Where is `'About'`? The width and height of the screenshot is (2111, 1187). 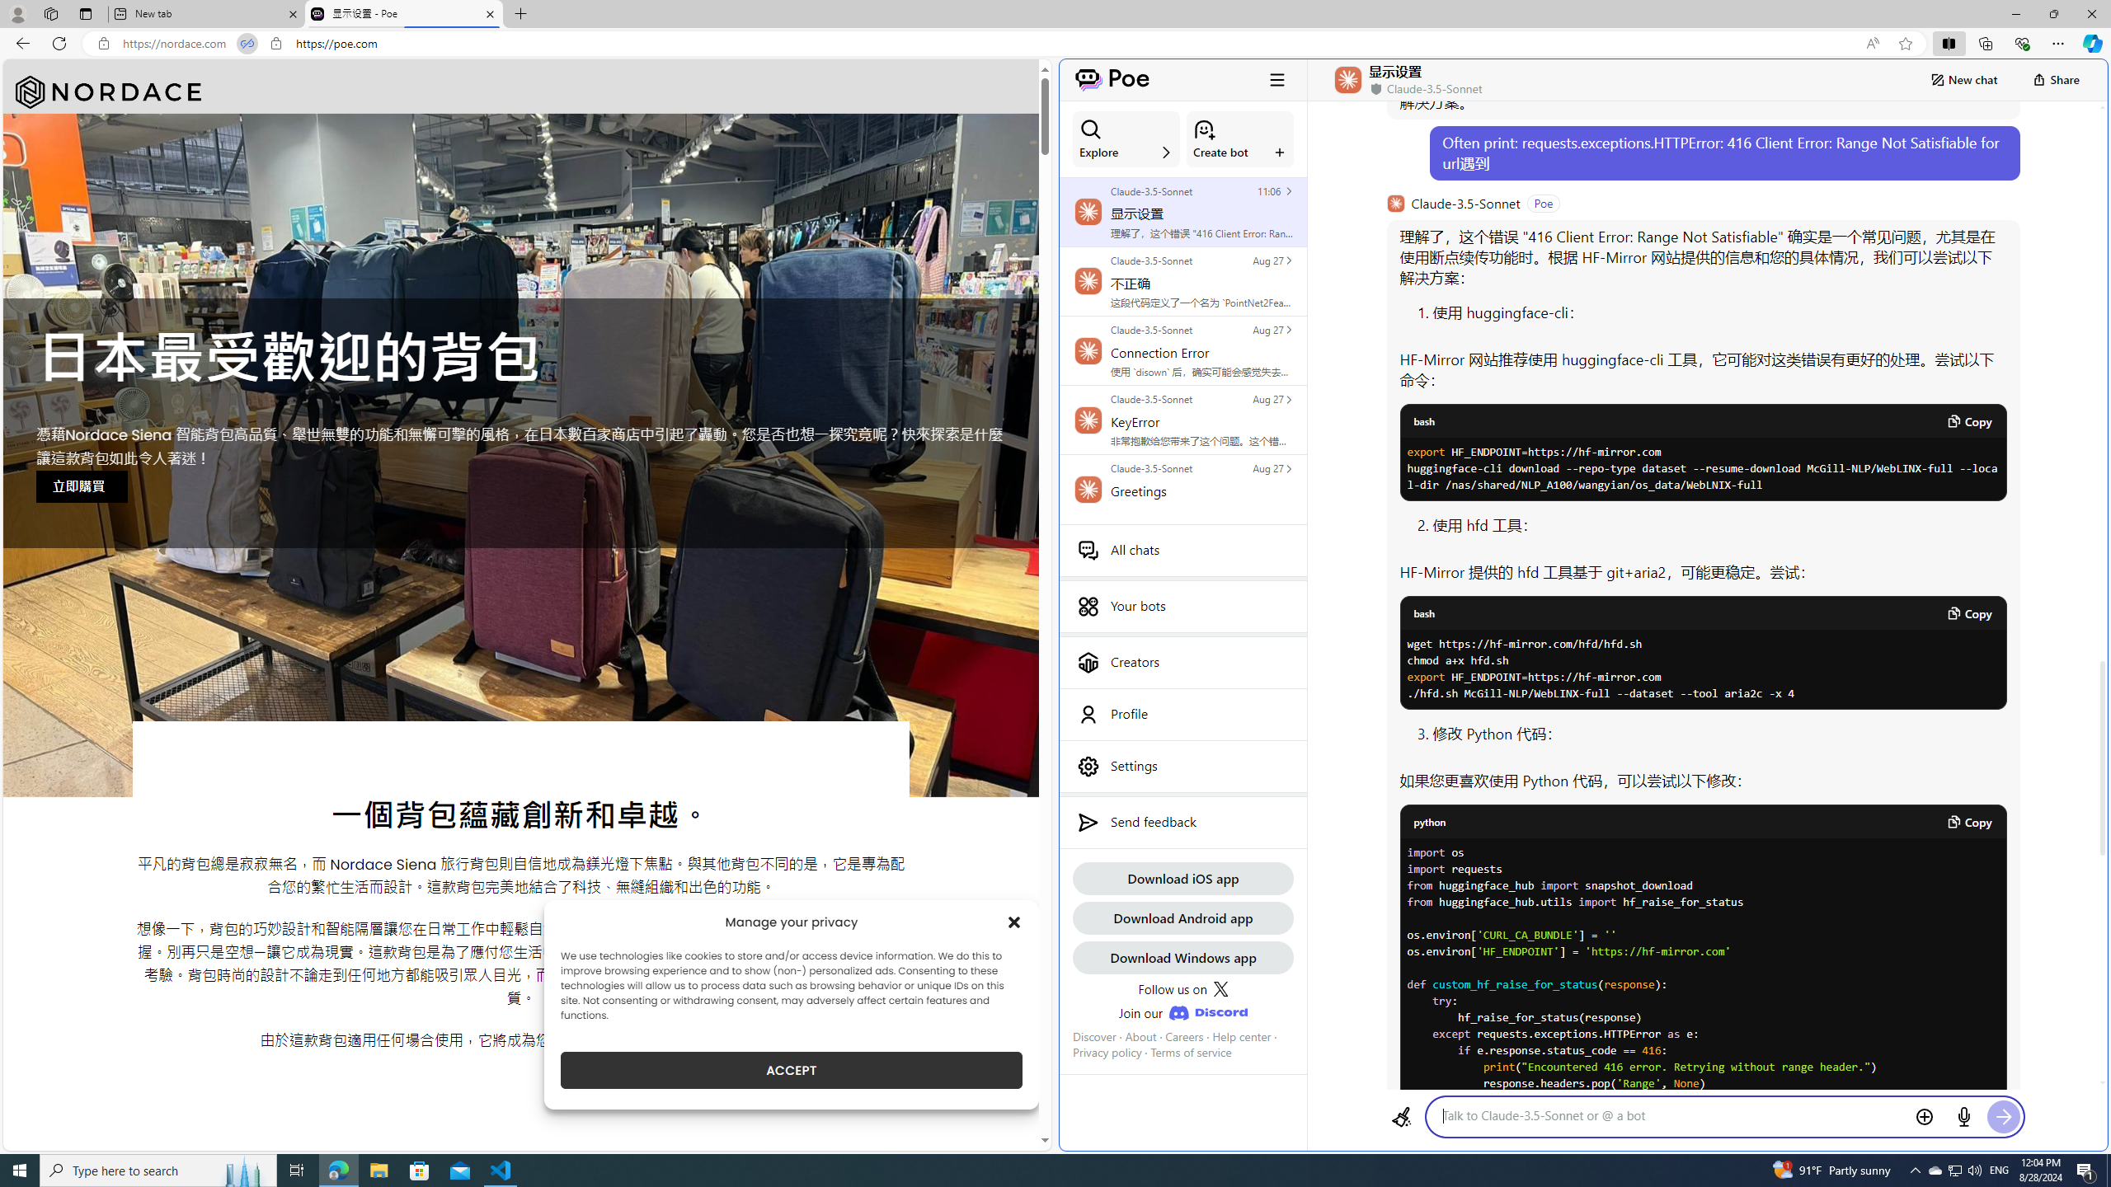 'About' is located at coordinates (1140, 1035).